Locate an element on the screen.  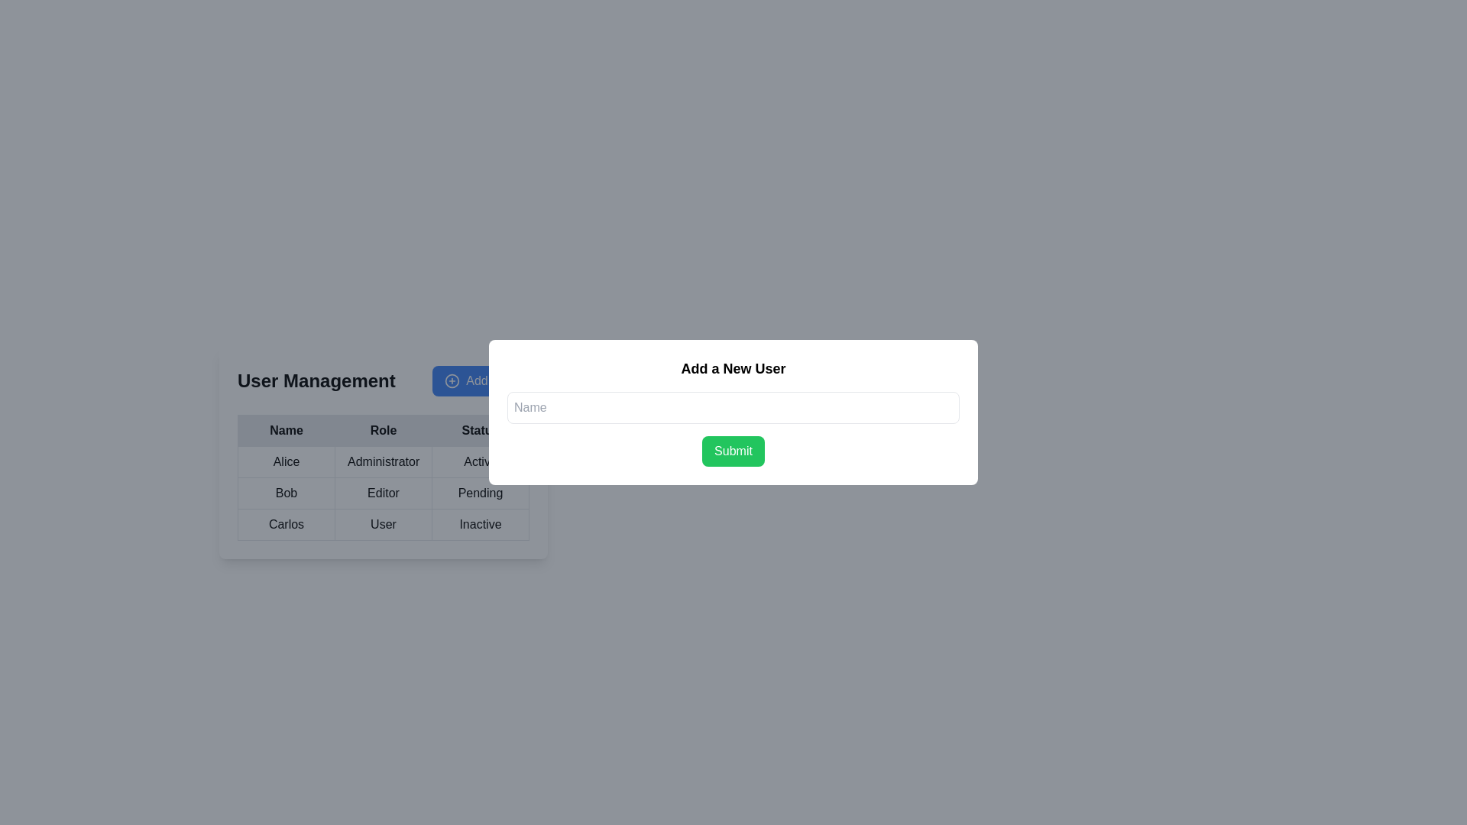
the 'Name' text label at the top row of the table is located at coordinates (286, 430).